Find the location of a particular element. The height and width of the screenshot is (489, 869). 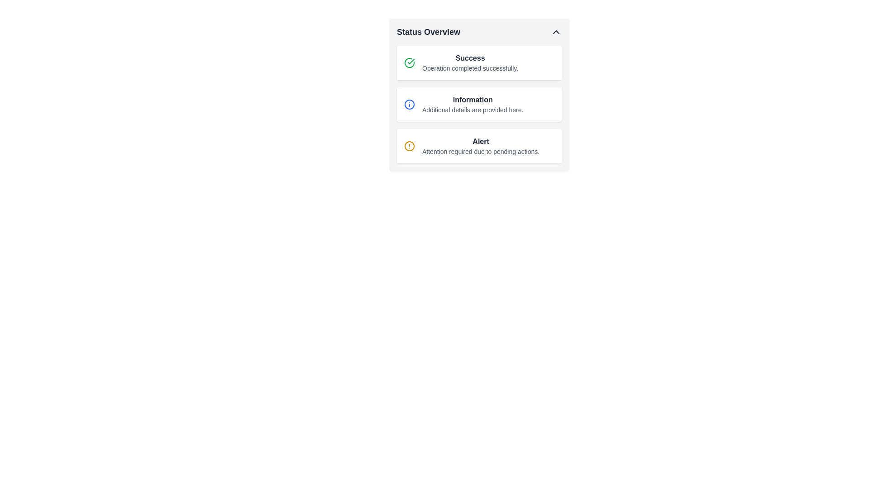

the Decorative SVG circle that visually represents a warning or alert status within the 'Alert' section of the 'Status Overview' panel, located to the left of the 'Alert' label is located at coordinates (409, 146).